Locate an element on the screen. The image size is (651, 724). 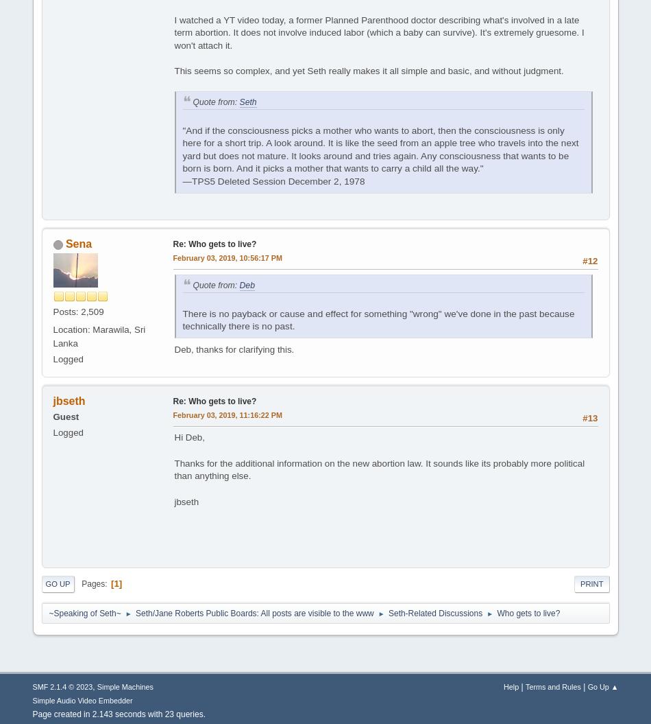
',' is located at coordinates (95, 686).